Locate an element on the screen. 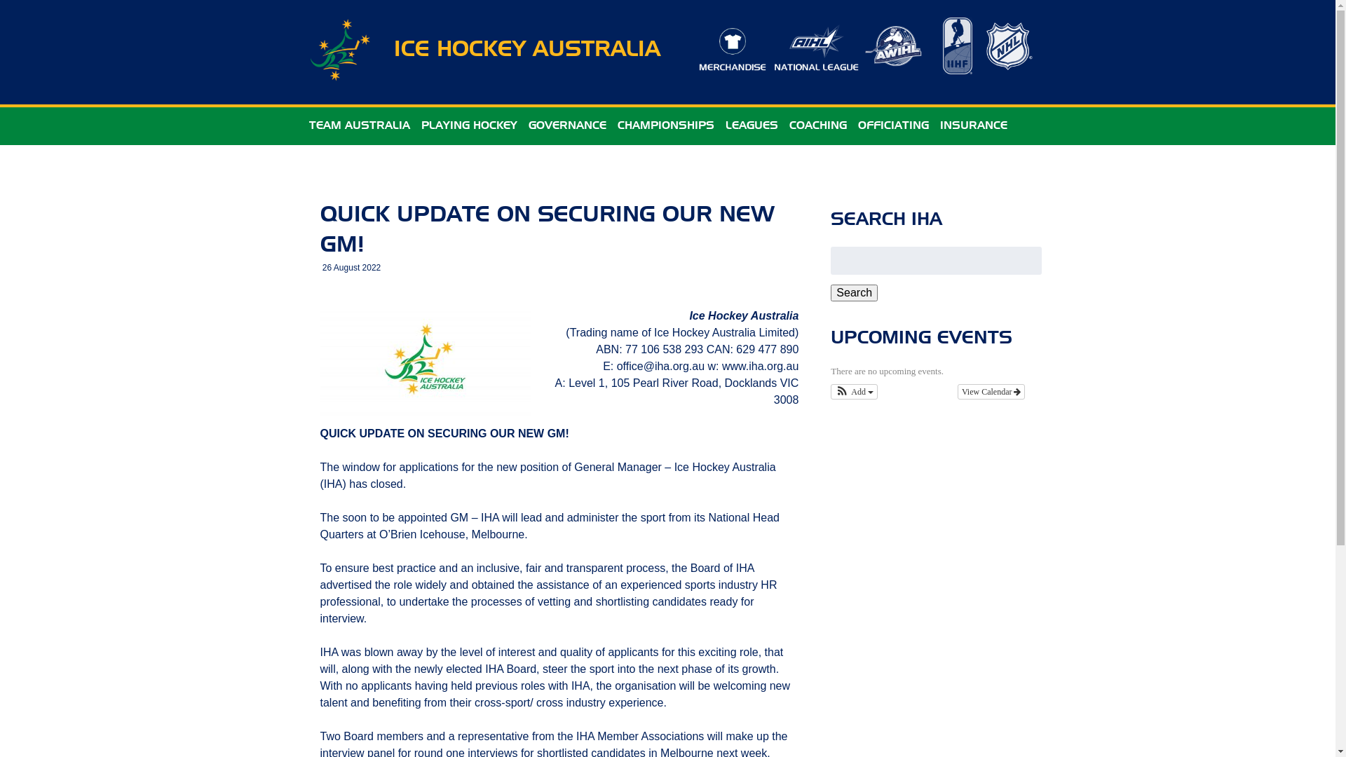  'OFFICIATING' is located at coordinates (851, 126).